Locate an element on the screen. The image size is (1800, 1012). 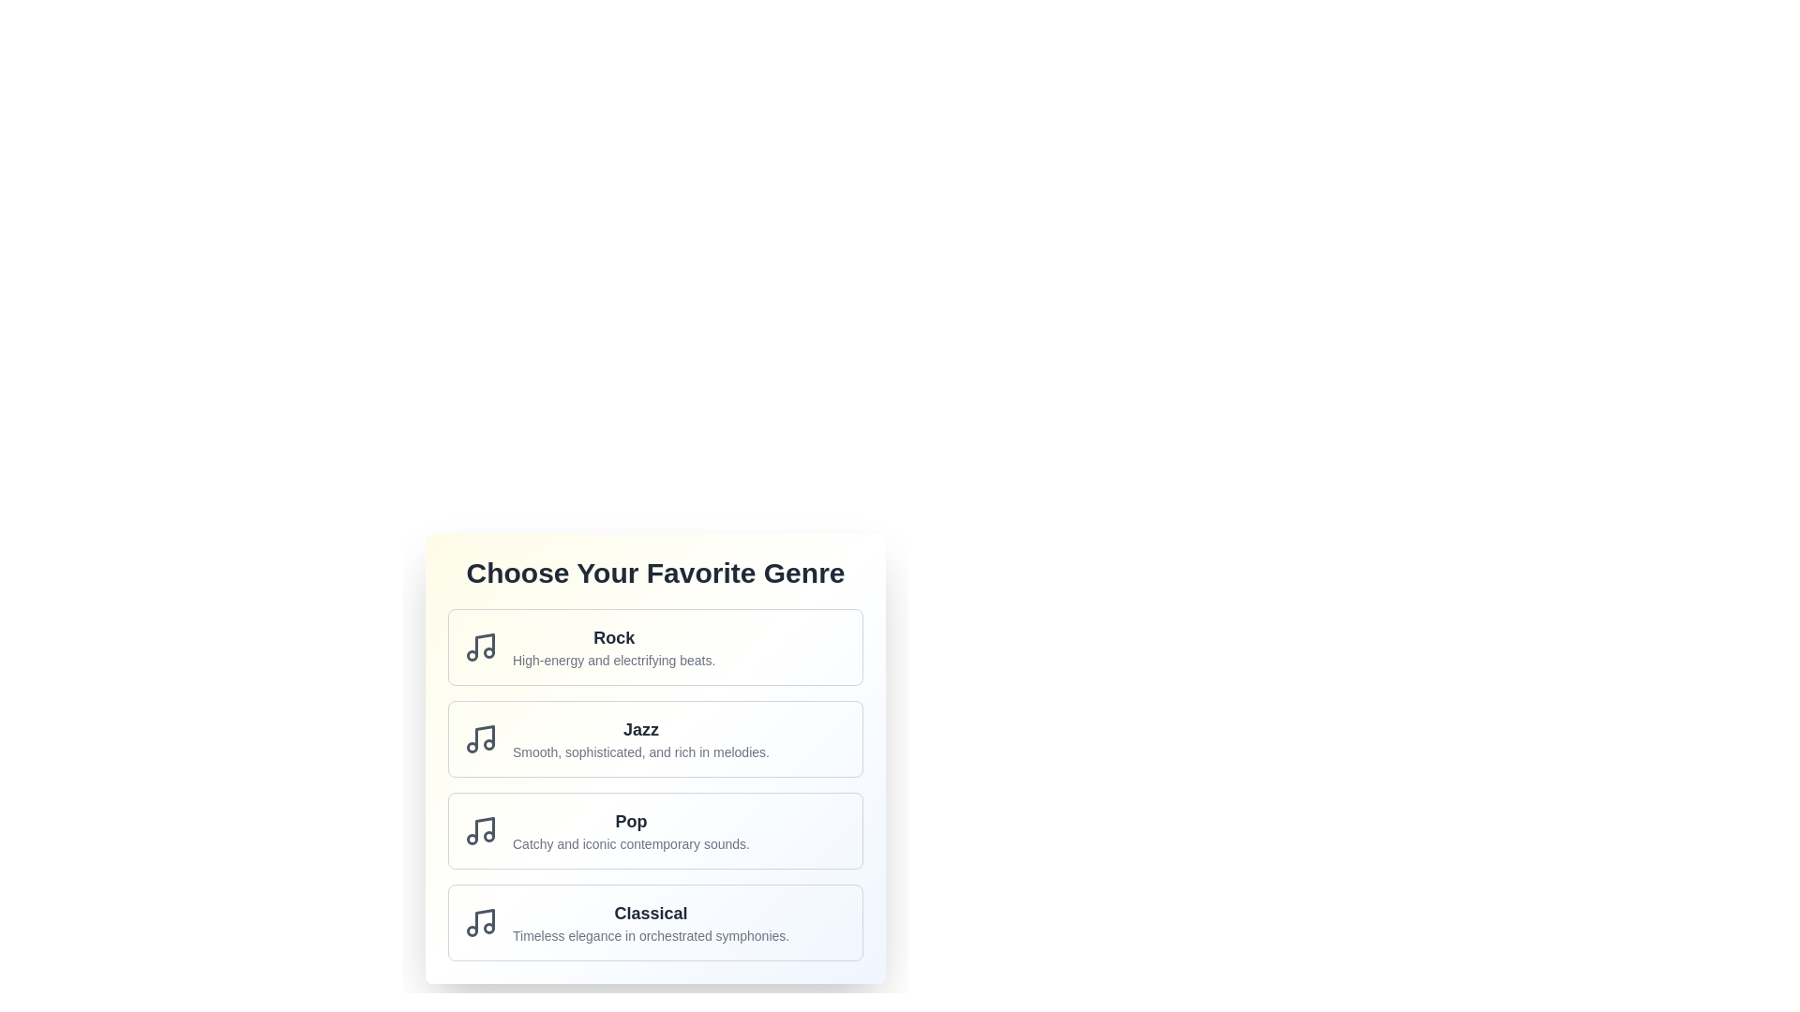
the descriptive text element providing additional information about the 'Jazz' music genre, which is located immediately below the 'Jazz' title text is located at coordinates (640, 751).